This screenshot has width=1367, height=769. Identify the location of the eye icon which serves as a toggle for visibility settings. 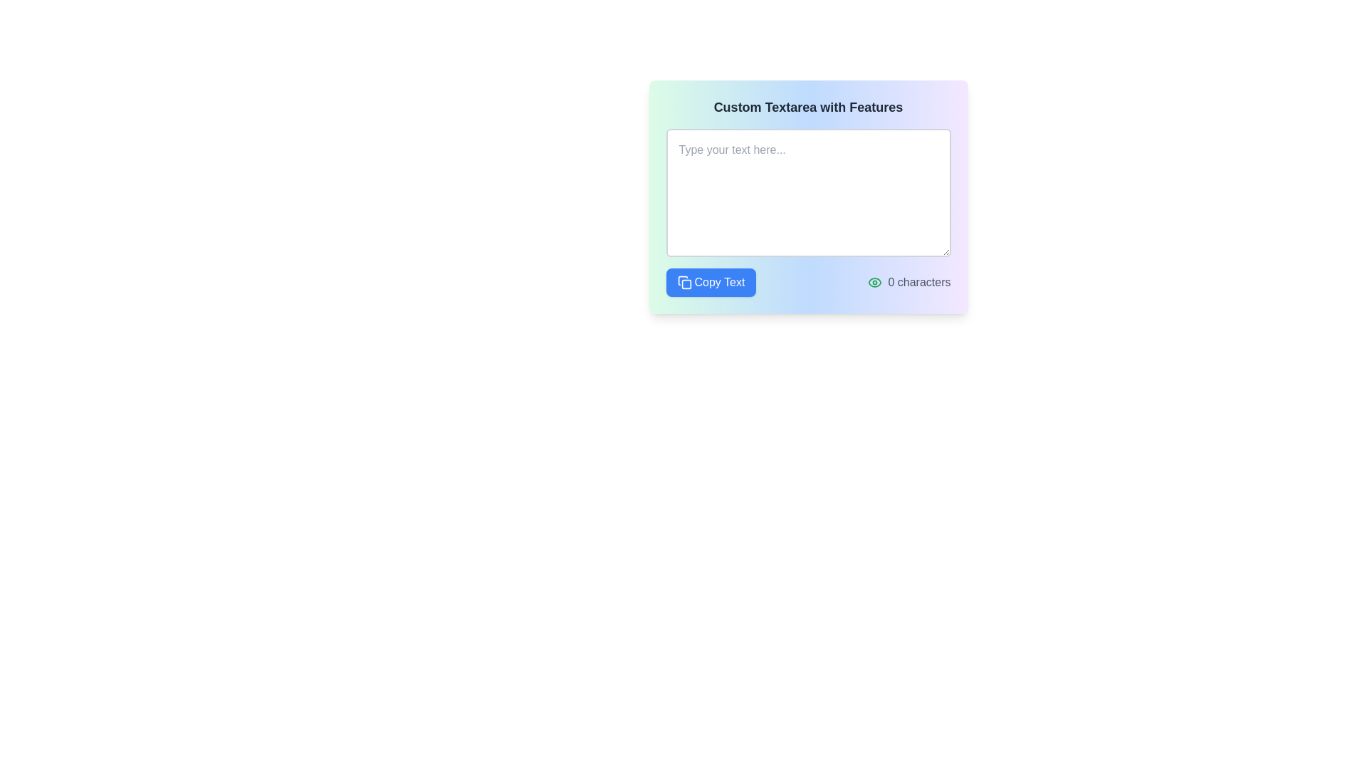
(874, 283).